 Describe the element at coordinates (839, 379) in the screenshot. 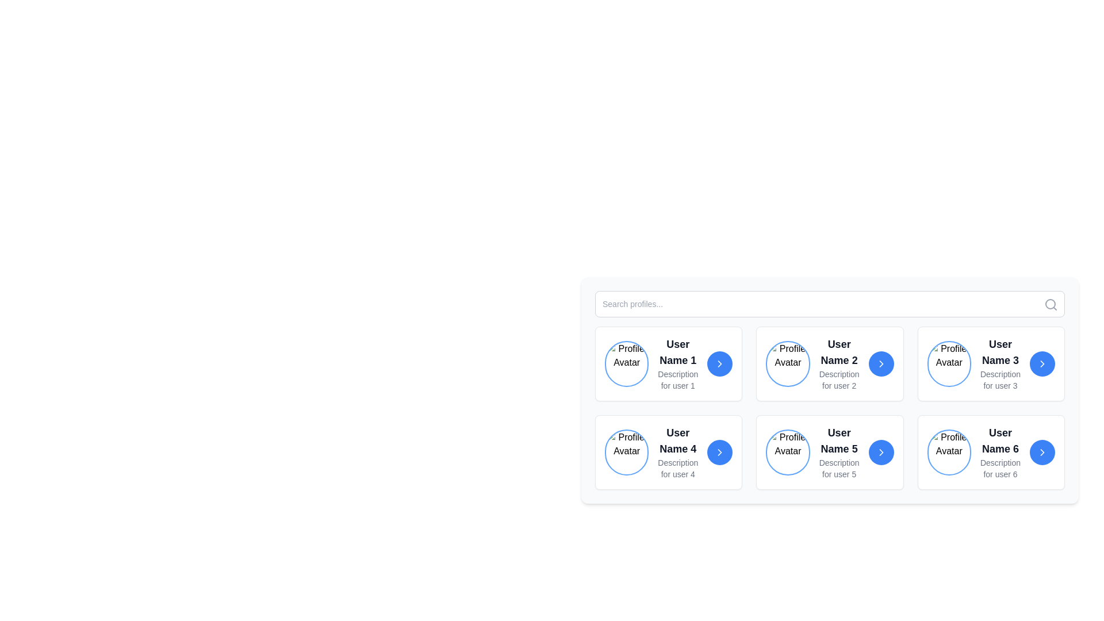

I see `the text label located below 'User Name 2' in the second profile card of the top row in the grid structure` at that location.